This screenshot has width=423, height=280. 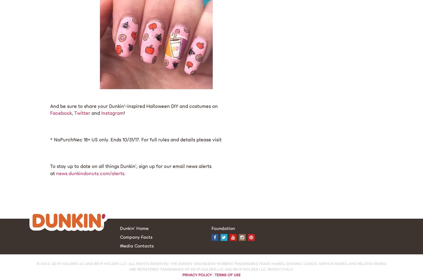 What do you see at coordinates (131, 169) in the screenshot?
I see `'To stay up to date on all things Dunkin’, sign up for our email news alerts at'` at bounding box center [131, 169].